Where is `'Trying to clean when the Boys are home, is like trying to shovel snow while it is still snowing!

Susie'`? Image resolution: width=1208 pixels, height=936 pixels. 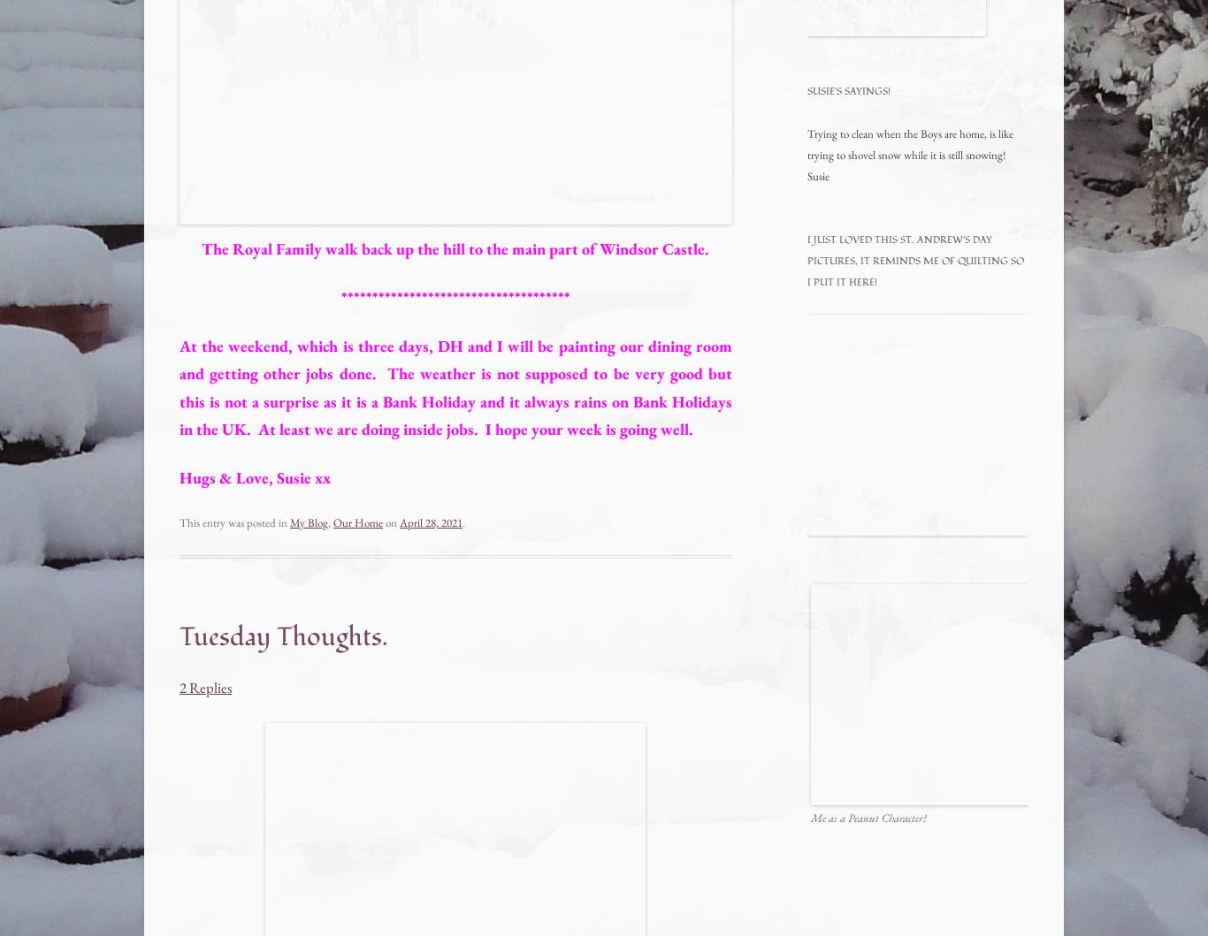
'Trying to clean when the Boys are home, is like trying to shovel snow while it is still snowing!

Susie' is located at coordinates (909, 153).